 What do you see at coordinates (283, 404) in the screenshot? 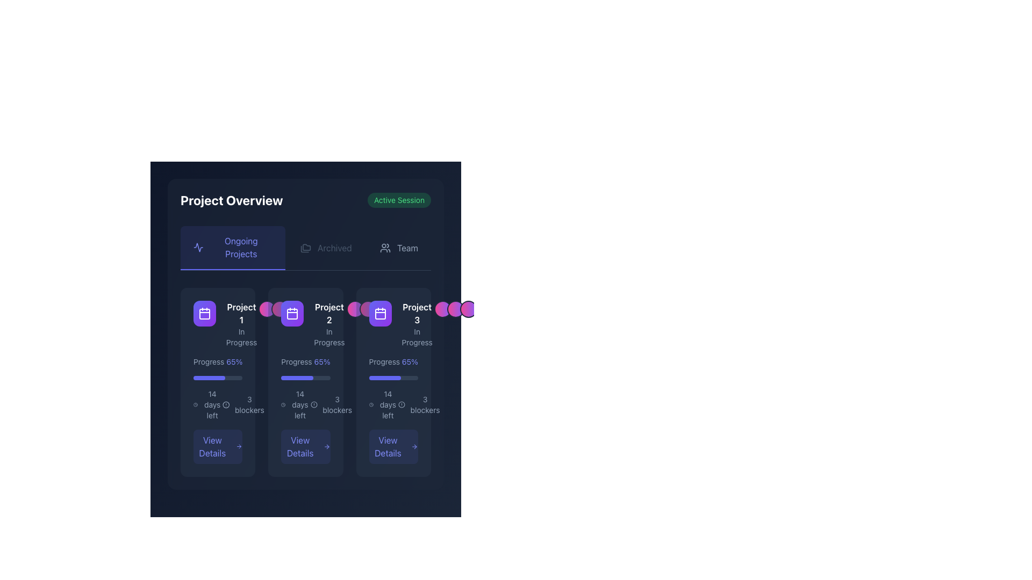
I see `the clock icon located at the lower part of the project card, which is adjacent to the text '14 days left'` at bounding box center [283, 404].